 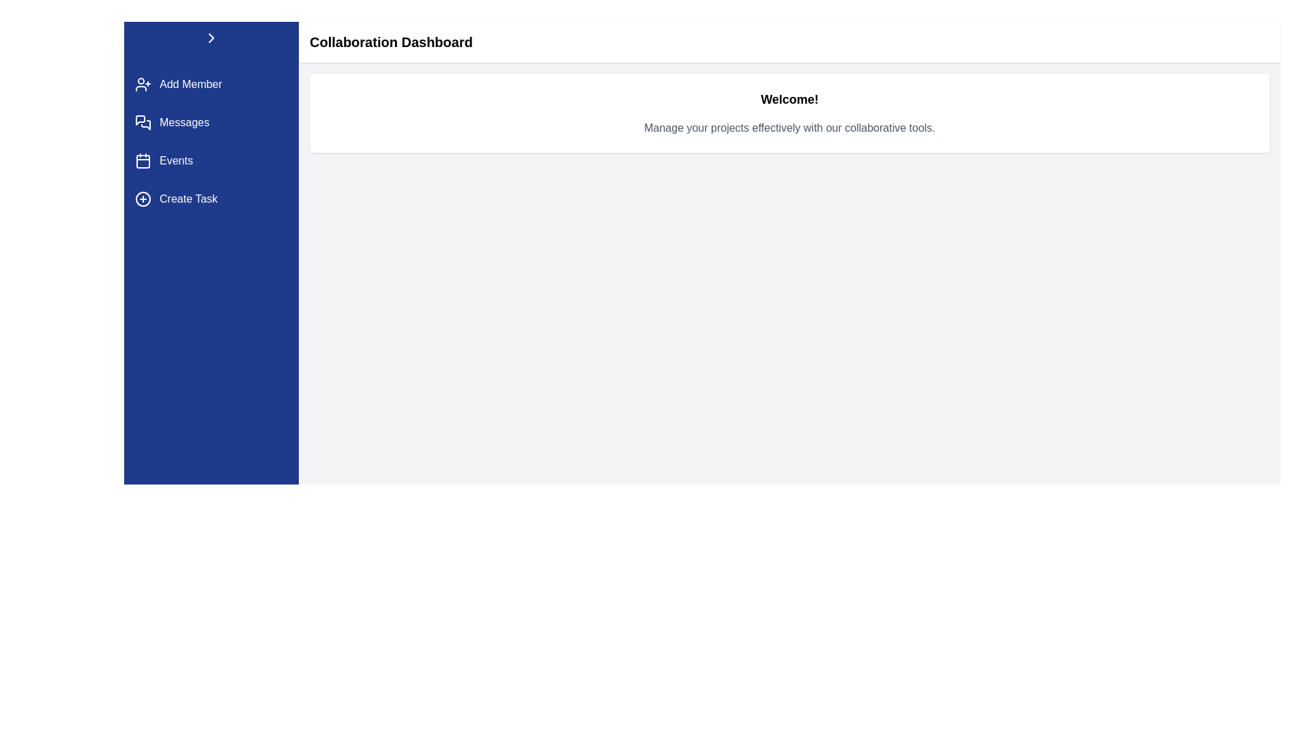 What do you see at coordinates (211, 199) in the screenshot?
I see `the 'Create Task' button located on the blue sidebar, which features a circular icon with a plus symbol and is the fourth entry in the vertical list of menu options` at bounding box center [211, 199].